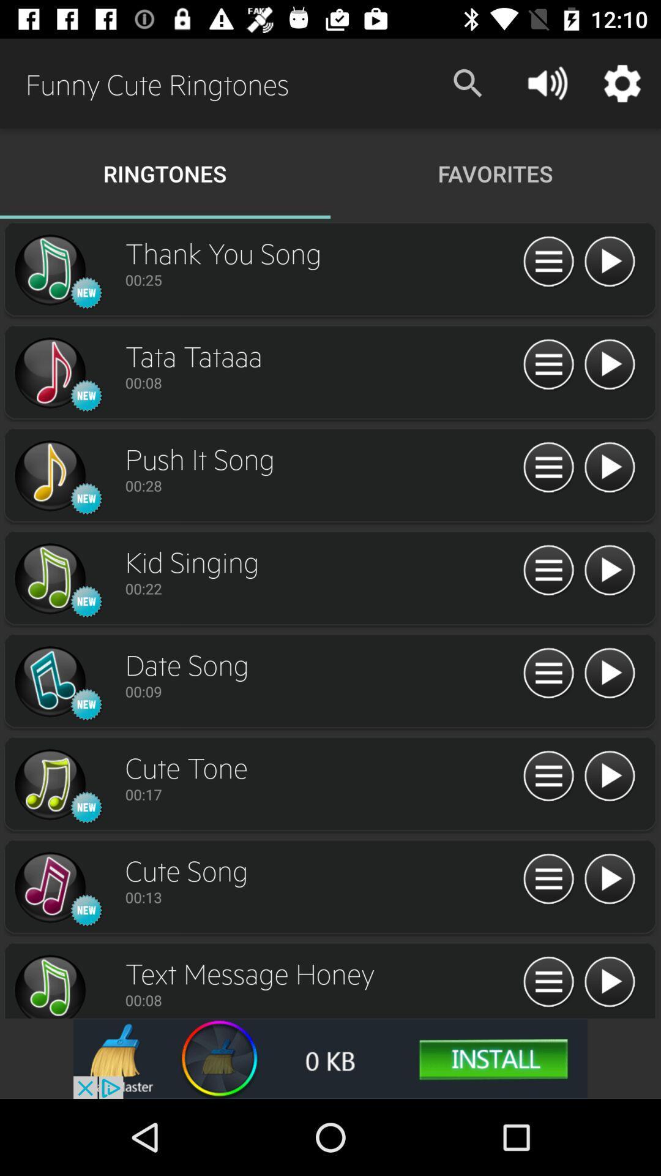 Image resolution: width=661 pixels, height=1176 pixels. Describe the element at coordinates (609, 982) in the screenshot. I see `execute the track` at that location.